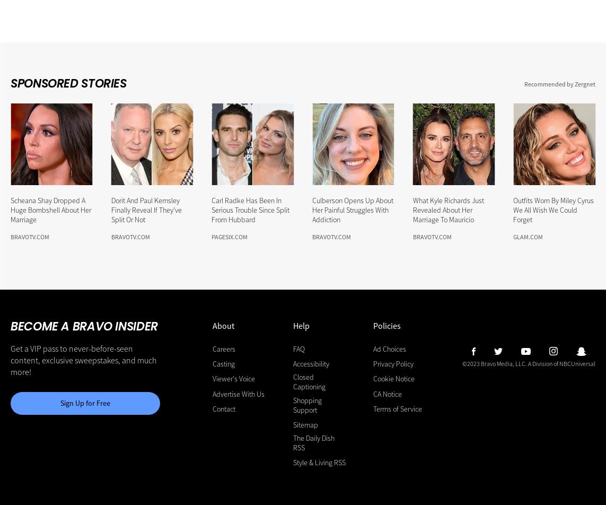 This screenshot has height=505, width=606. Describe the element at coordinates (561, 363) in the screenshot. I see `'A Division of NBCUniversal'` at that location.